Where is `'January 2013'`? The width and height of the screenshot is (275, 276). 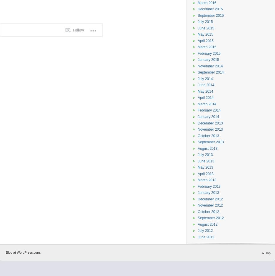
'January 2013' is located at coordinates (208, 192).